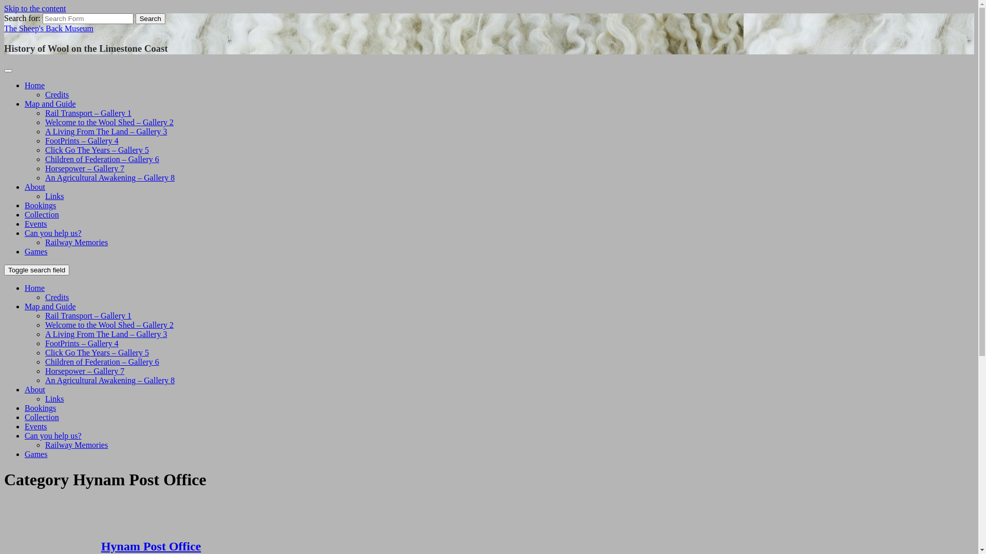 The width and height of the screenshot is (986, 554). What do you see at coordinates (149, 18) in the screenshot?
I see `'Search'` at bounding box center [149, 18].